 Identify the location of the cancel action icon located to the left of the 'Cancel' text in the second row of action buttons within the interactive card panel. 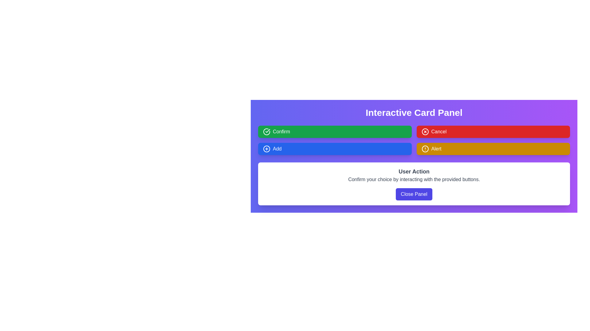
(425, 131).